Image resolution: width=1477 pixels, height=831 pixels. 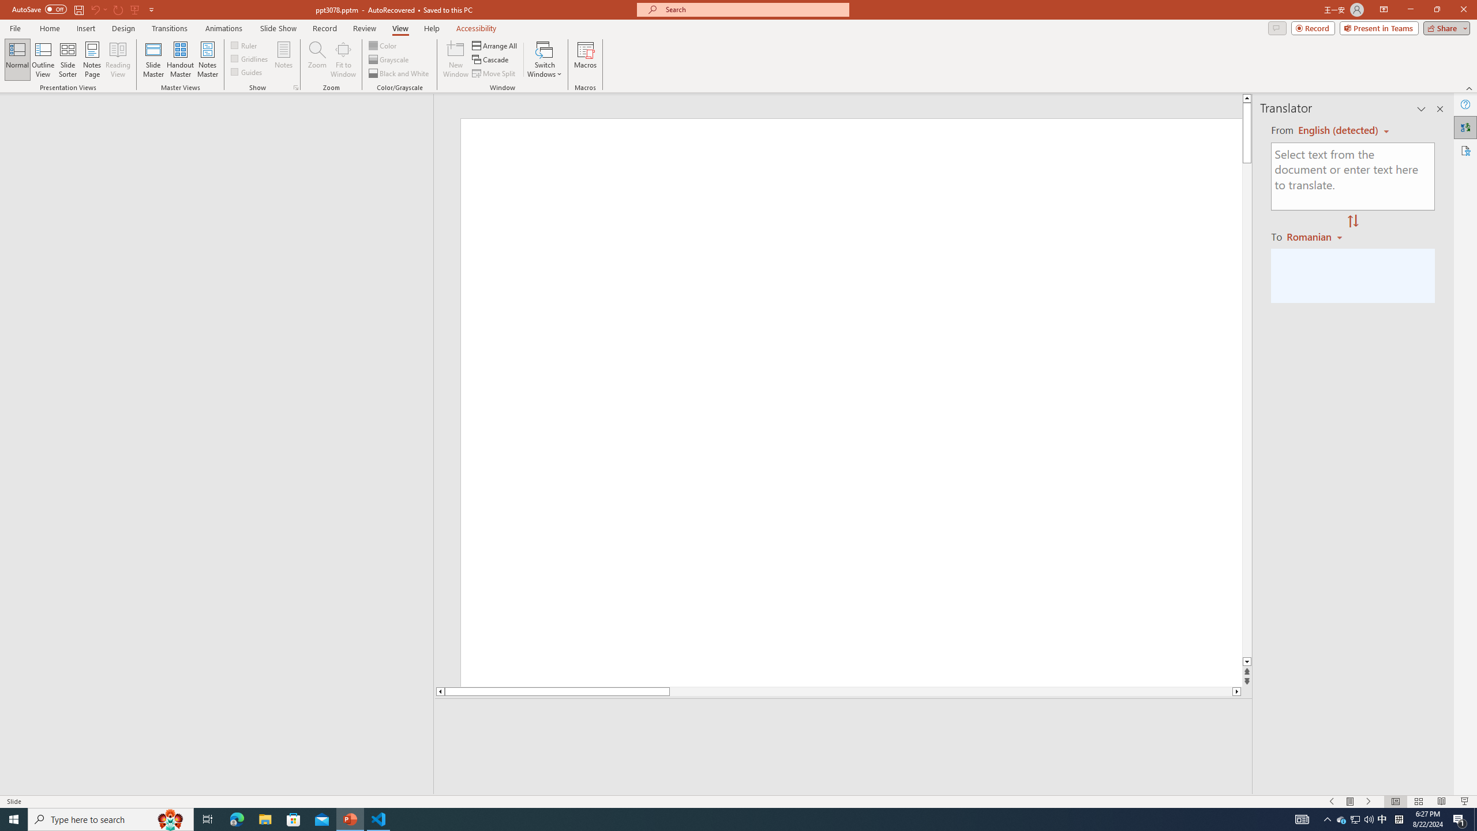 I want to click on 'Arrange All', so click(x=494, y=45).